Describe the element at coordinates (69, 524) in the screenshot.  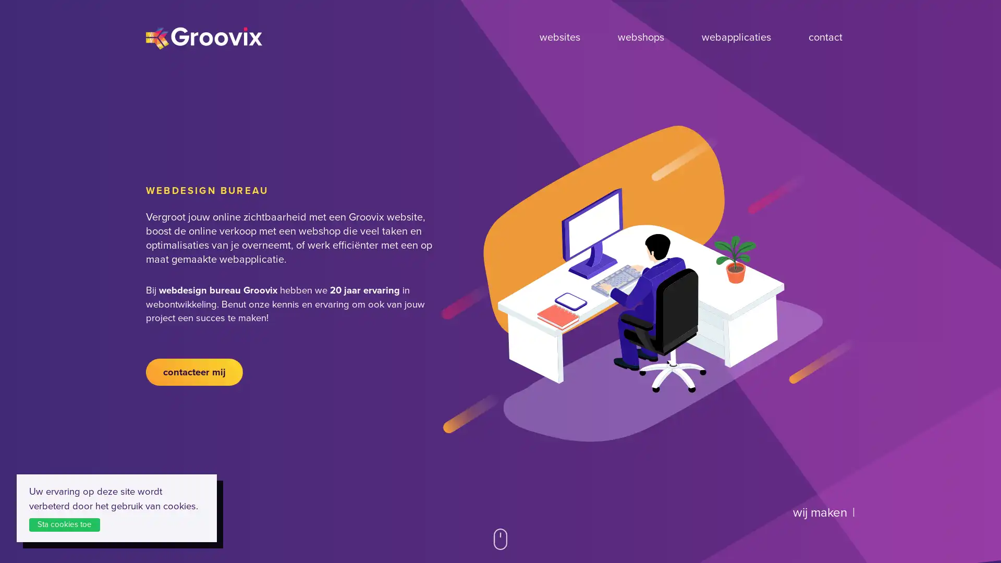
I see `Sta cookies toe` at that location.